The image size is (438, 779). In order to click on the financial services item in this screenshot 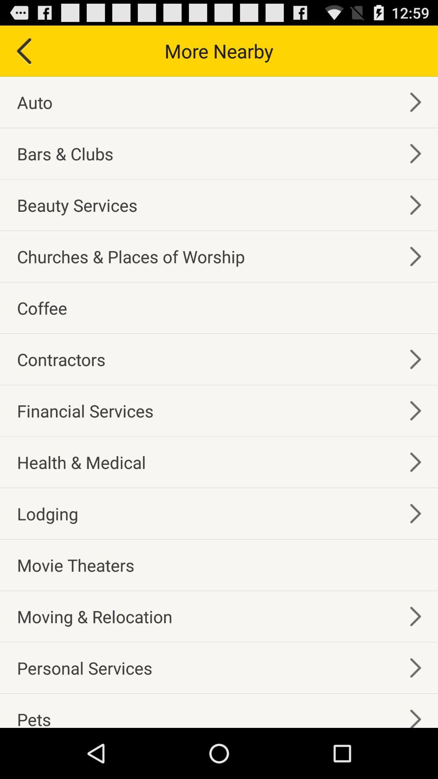, I will do `click(85, 411)`.